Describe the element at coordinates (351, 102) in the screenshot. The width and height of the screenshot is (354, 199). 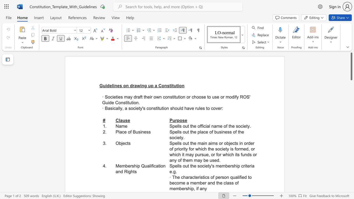
I see `the right-hand scrollbar to descend the page` at that location.